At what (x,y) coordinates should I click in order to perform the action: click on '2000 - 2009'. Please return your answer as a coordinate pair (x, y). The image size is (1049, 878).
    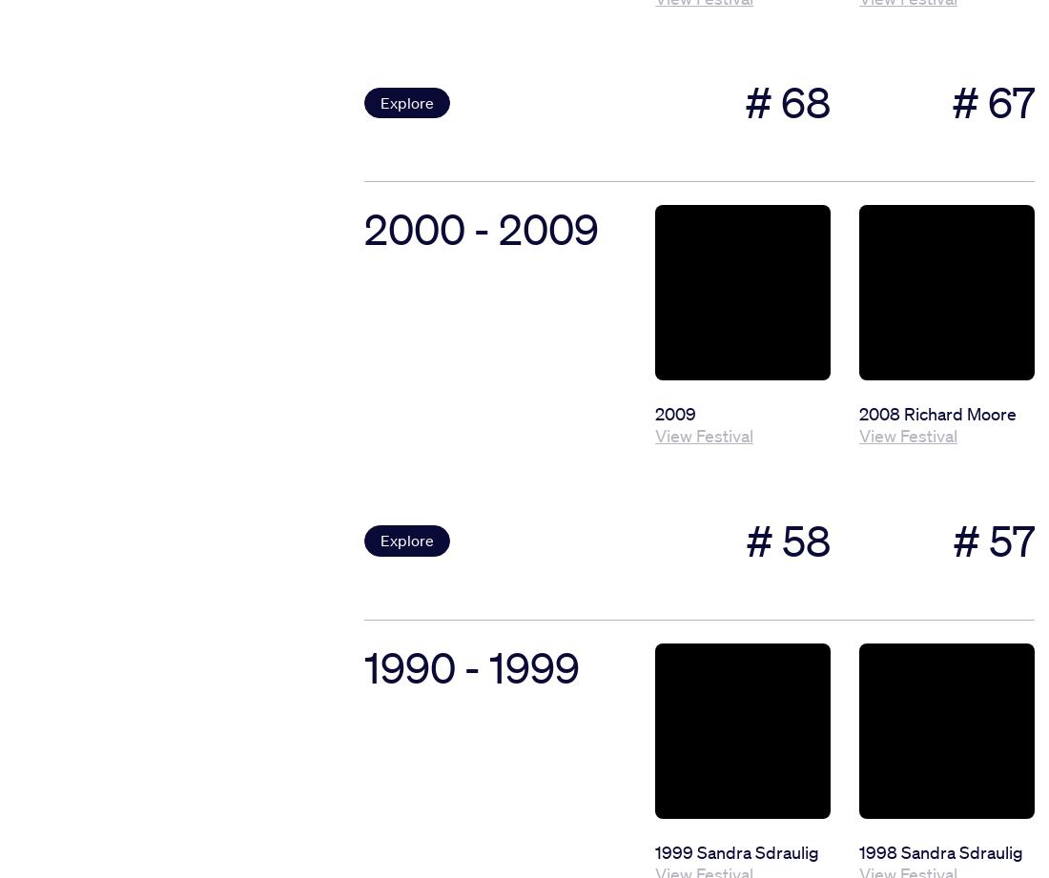
    Looking at the image, I should click on (481, 227).